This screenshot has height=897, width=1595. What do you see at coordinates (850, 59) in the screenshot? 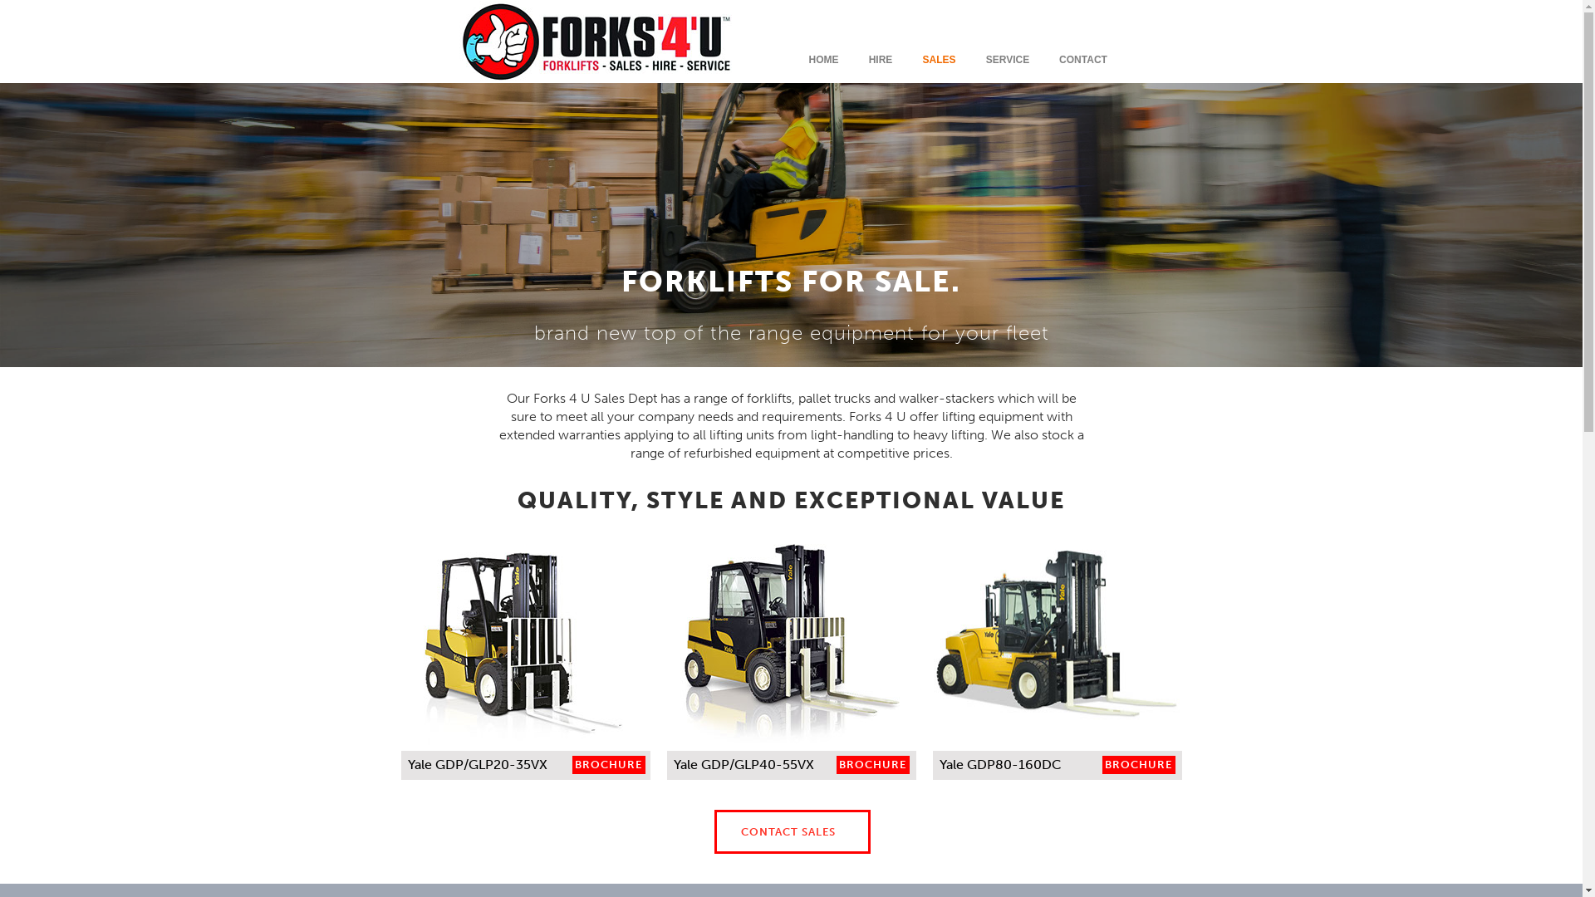
I see `'HIRE'` at bounding box center [850, 59].